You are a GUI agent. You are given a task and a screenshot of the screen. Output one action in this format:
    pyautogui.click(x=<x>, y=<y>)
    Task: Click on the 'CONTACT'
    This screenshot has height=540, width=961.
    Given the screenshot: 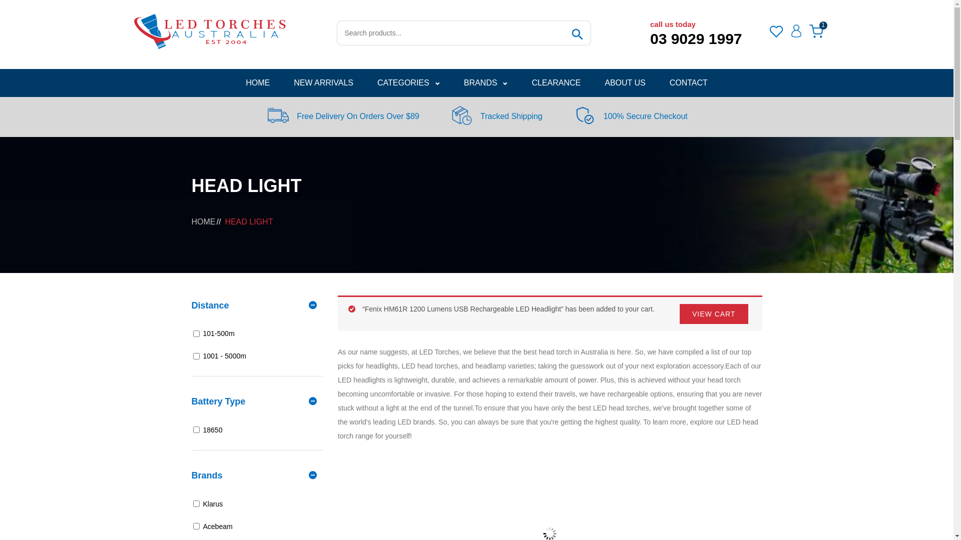 What is the action you would take?
    pyautogui.click(x=688, y=82)
    